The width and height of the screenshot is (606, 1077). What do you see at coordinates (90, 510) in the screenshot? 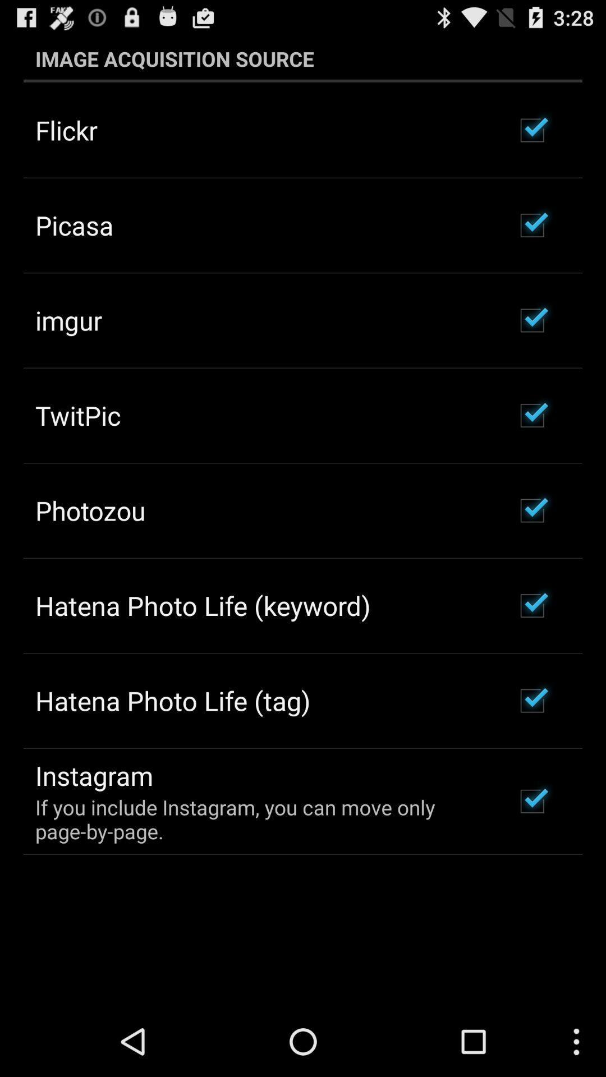
I see `photozou item` at bounding box center [90, 510].